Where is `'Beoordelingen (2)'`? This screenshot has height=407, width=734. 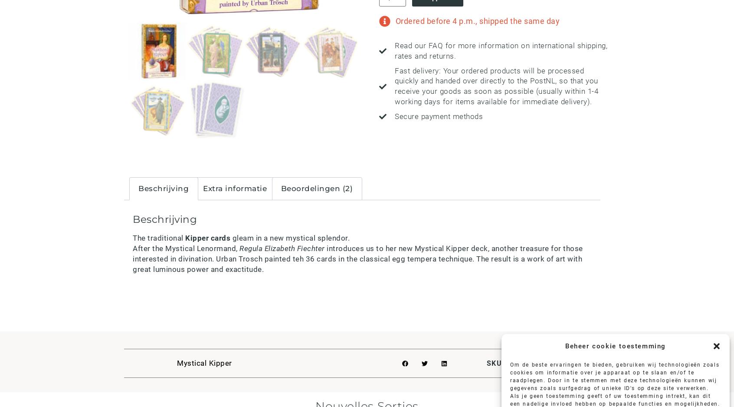
'Beoordelingen (2)' is located at coordinates (316, 188).